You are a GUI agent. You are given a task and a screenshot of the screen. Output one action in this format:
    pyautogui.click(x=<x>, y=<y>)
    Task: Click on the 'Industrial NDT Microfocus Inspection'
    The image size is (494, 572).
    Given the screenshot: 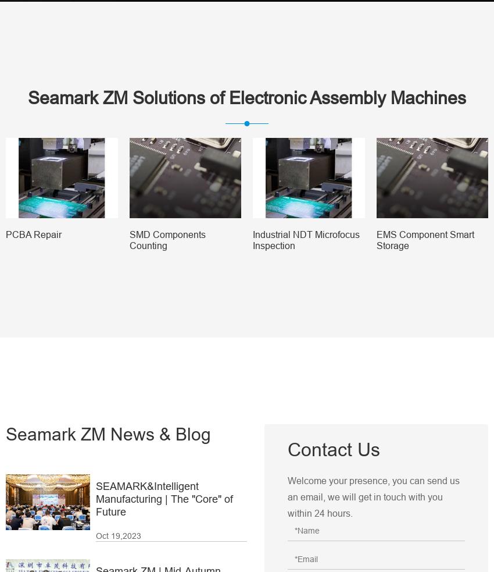 What is the action you would take?
    pyautogui.click(x=306, y=239)
    